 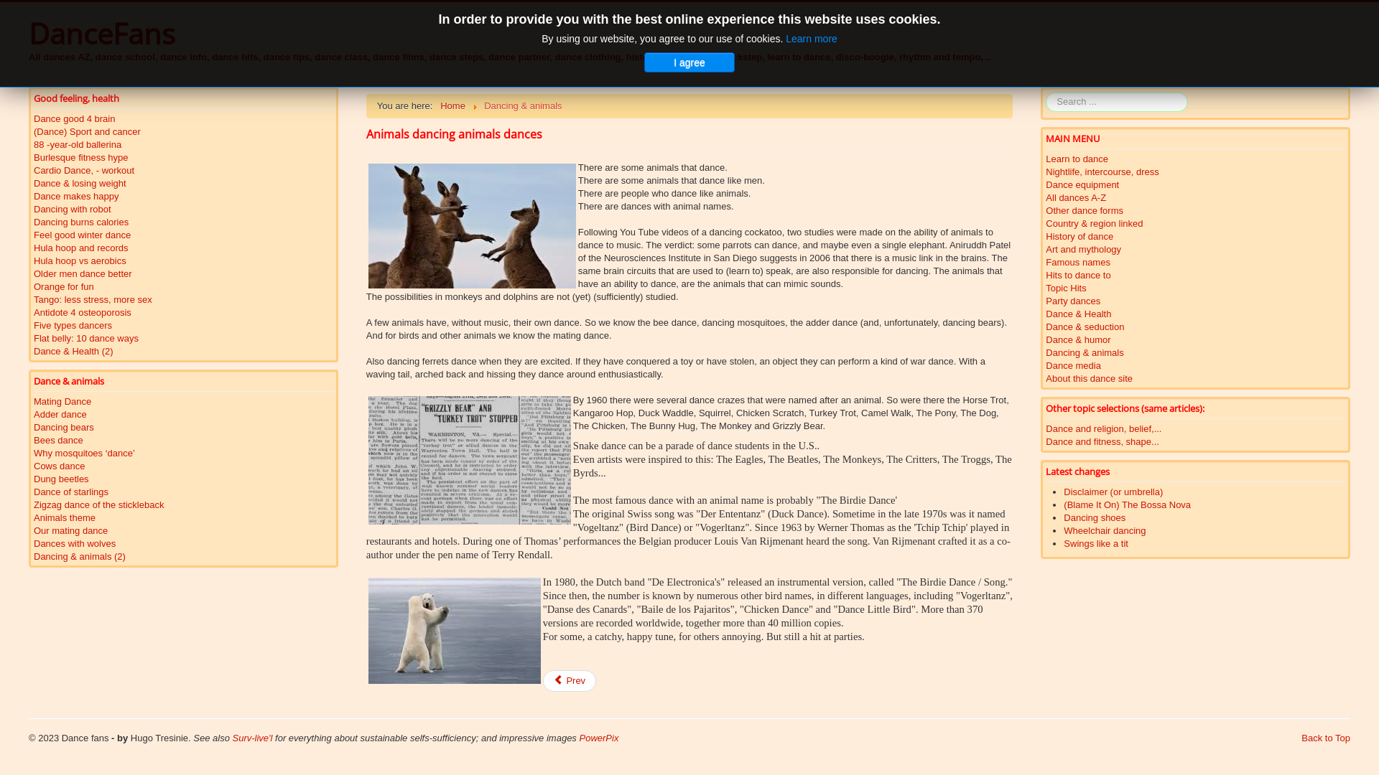 I want to click on 'Disclaimer (or umbrella)', so click(x=1113, y=491).